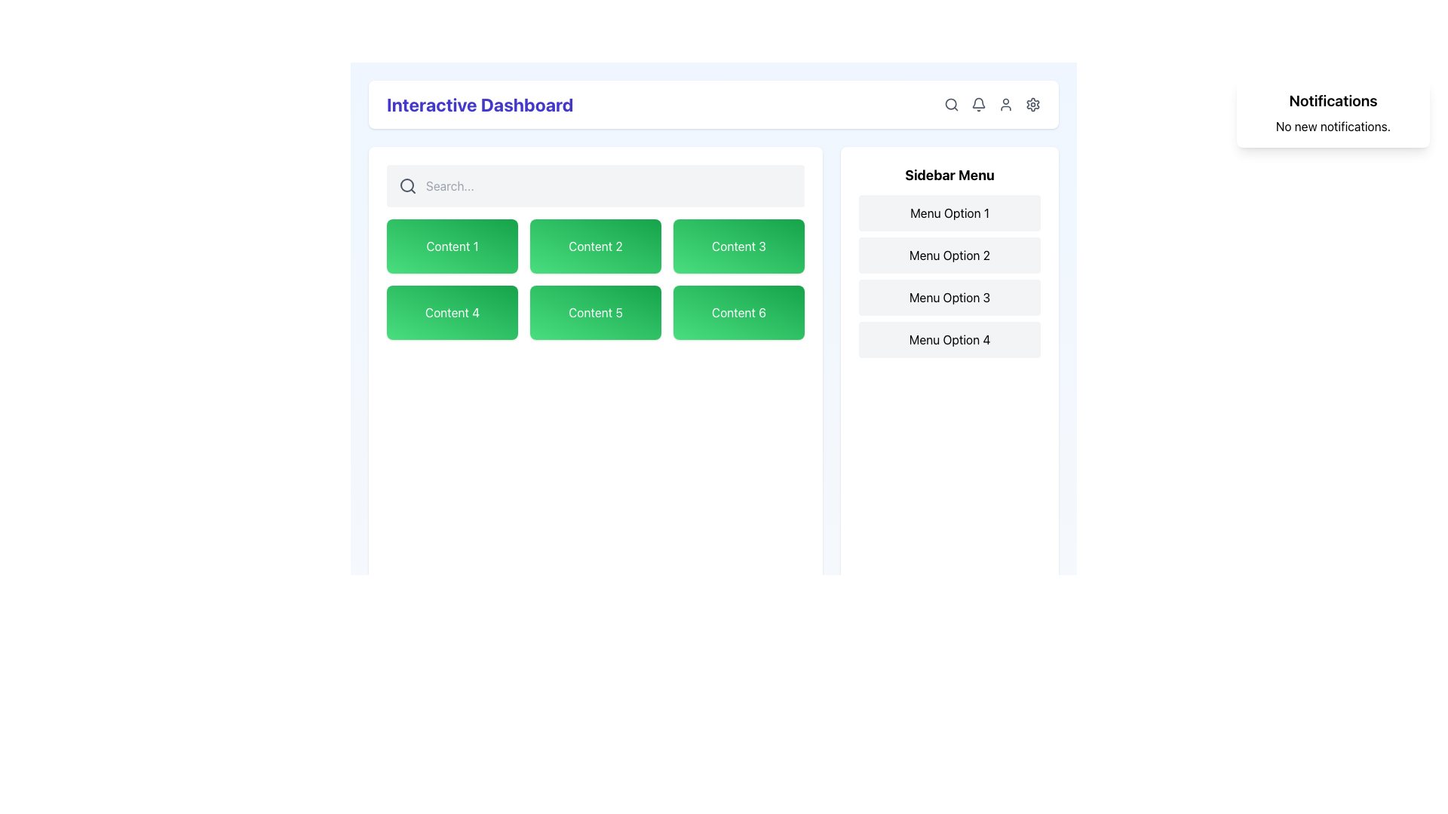  I want to click on the search icon located at the top left of the search bar, which serves as a visual cue for the search functionality, so click(408, 185).